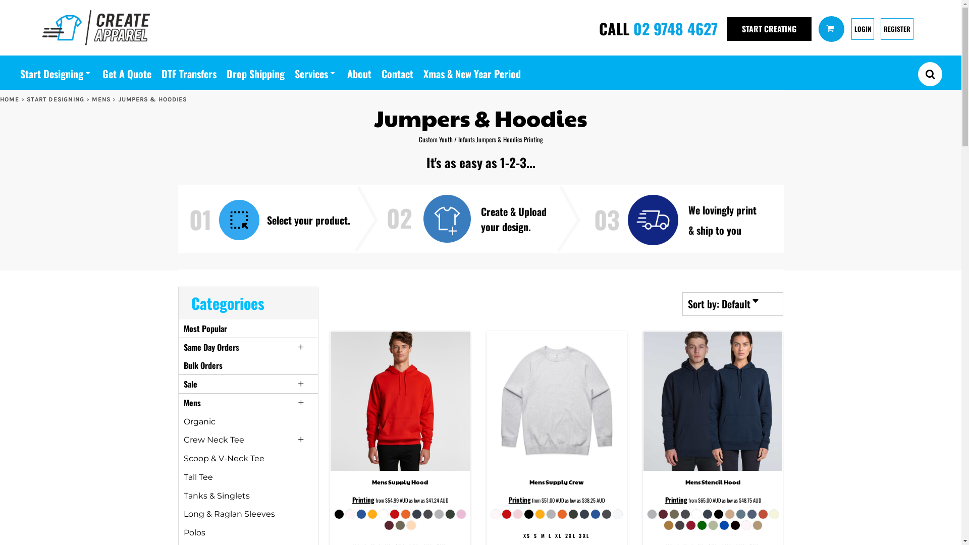 The image size is (969, 545). Describe the element at coordinates (359, 72) in the screenshot. I see `'About'` at that location.